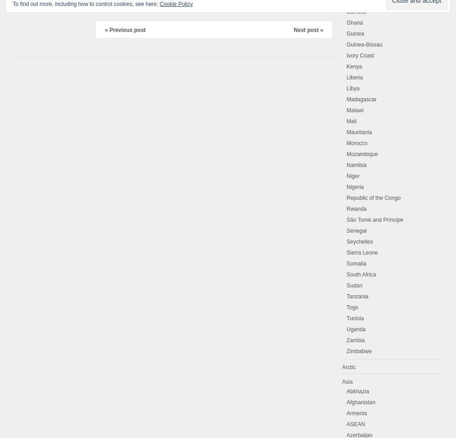  What do you see at coordinates (355, 77) in the screenshot?
I see `'Liberia'` at bounding box center [355, 77].